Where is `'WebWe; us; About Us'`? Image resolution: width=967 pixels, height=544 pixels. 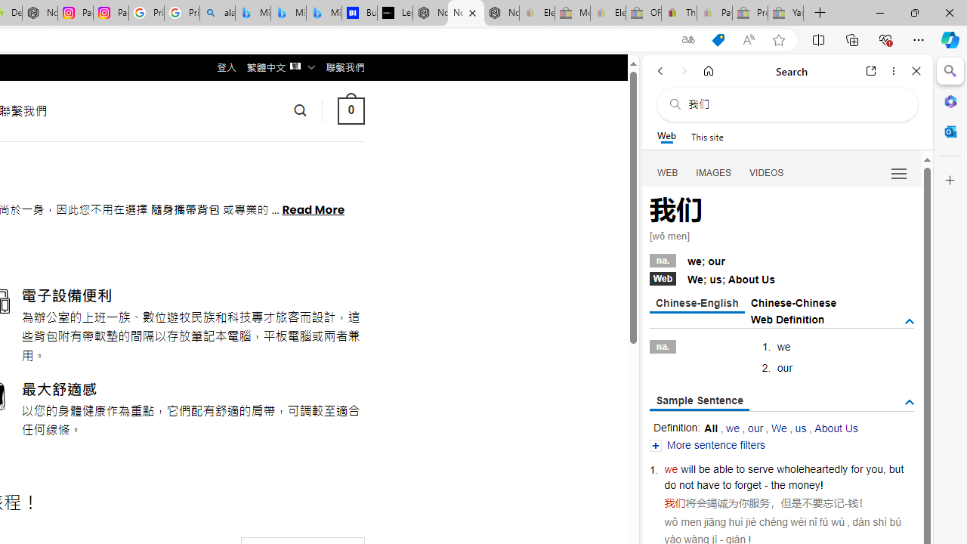
'WebWe; us; About Us' is located at coordinates (781, 277).